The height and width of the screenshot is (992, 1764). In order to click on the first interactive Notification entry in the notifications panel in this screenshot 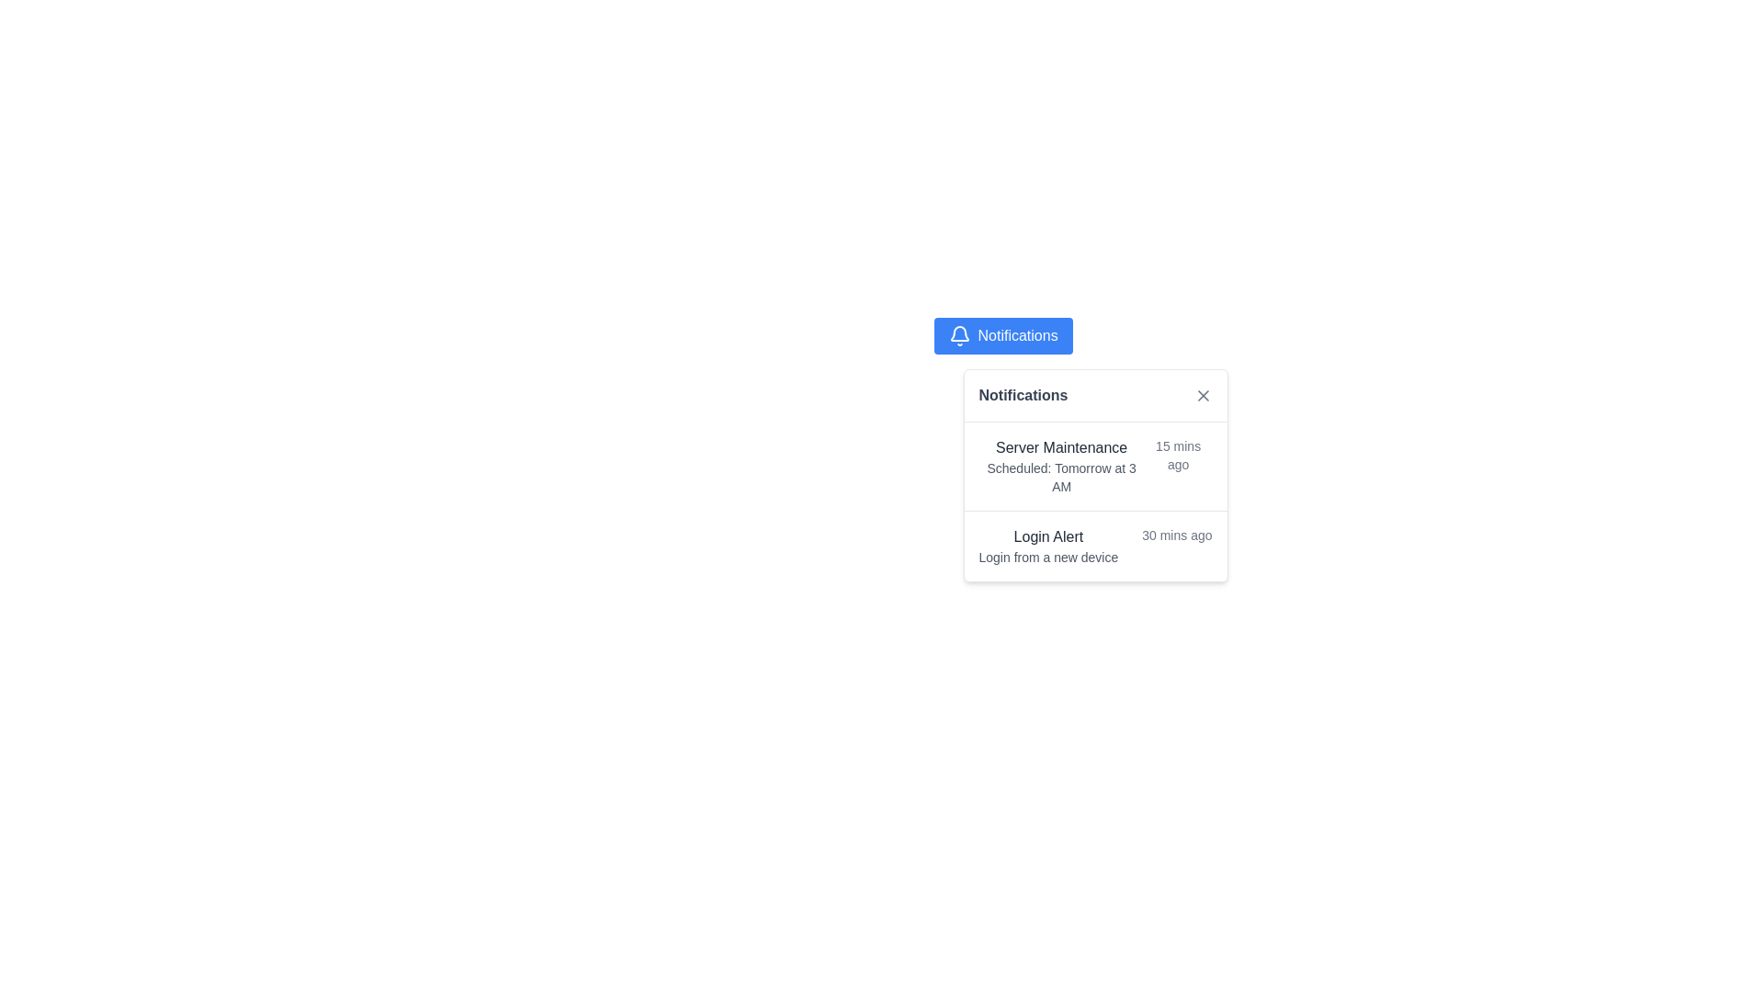, I will do `click(1095, 465)`.